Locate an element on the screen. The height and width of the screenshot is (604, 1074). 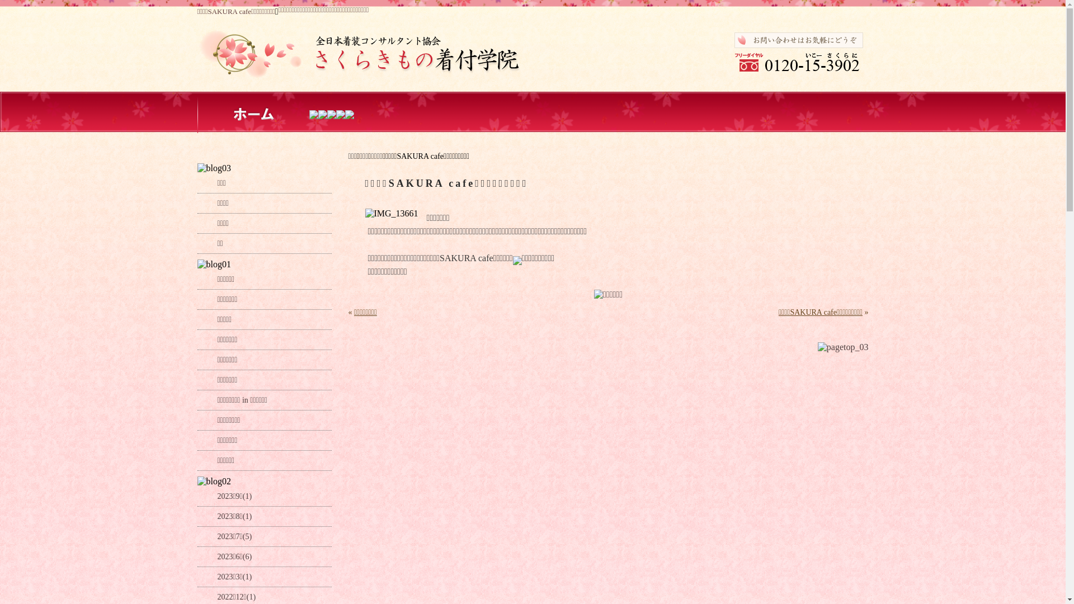
'blog01' is located at coordinates (214, 265).